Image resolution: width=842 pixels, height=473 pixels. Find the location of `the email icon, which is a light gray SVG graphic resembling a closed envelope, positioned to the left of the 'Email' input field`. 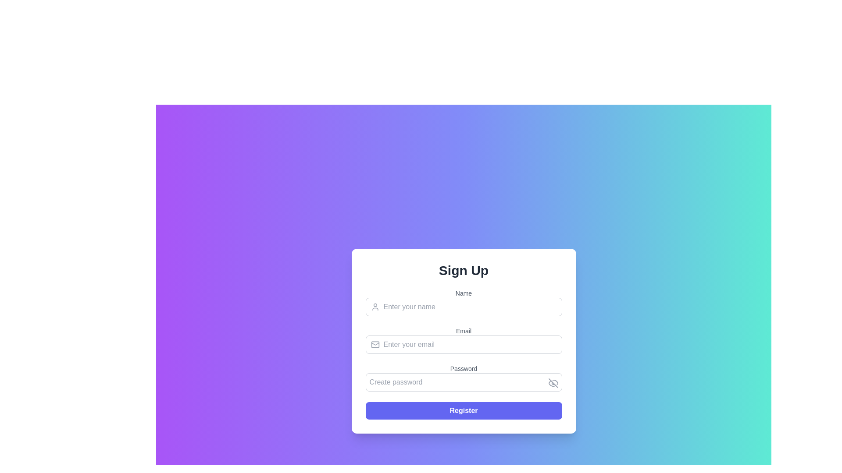

the email icon, which is a light gray SVG graphic resembling a closed envelope, positioned to the left of the 'Email' input field is located at coordinates (375, 344).